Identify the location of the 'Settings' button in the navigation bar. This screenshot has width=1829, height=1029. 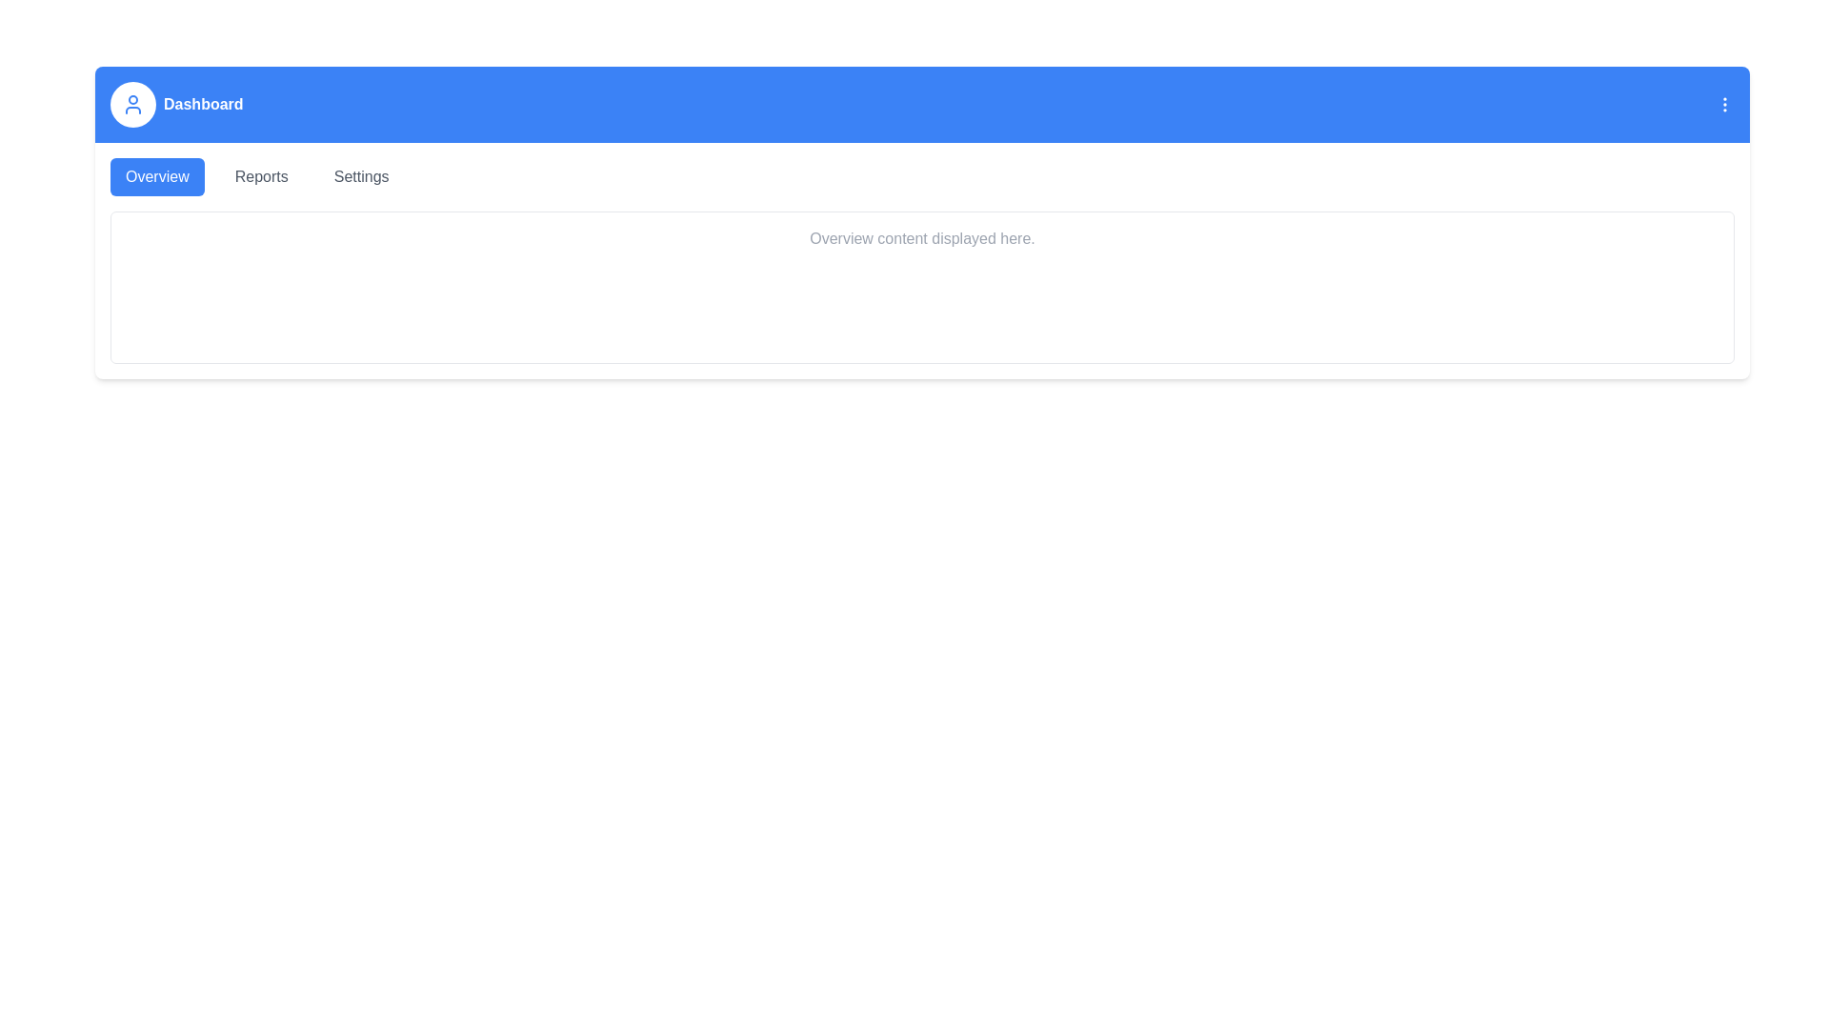
(361, 176).